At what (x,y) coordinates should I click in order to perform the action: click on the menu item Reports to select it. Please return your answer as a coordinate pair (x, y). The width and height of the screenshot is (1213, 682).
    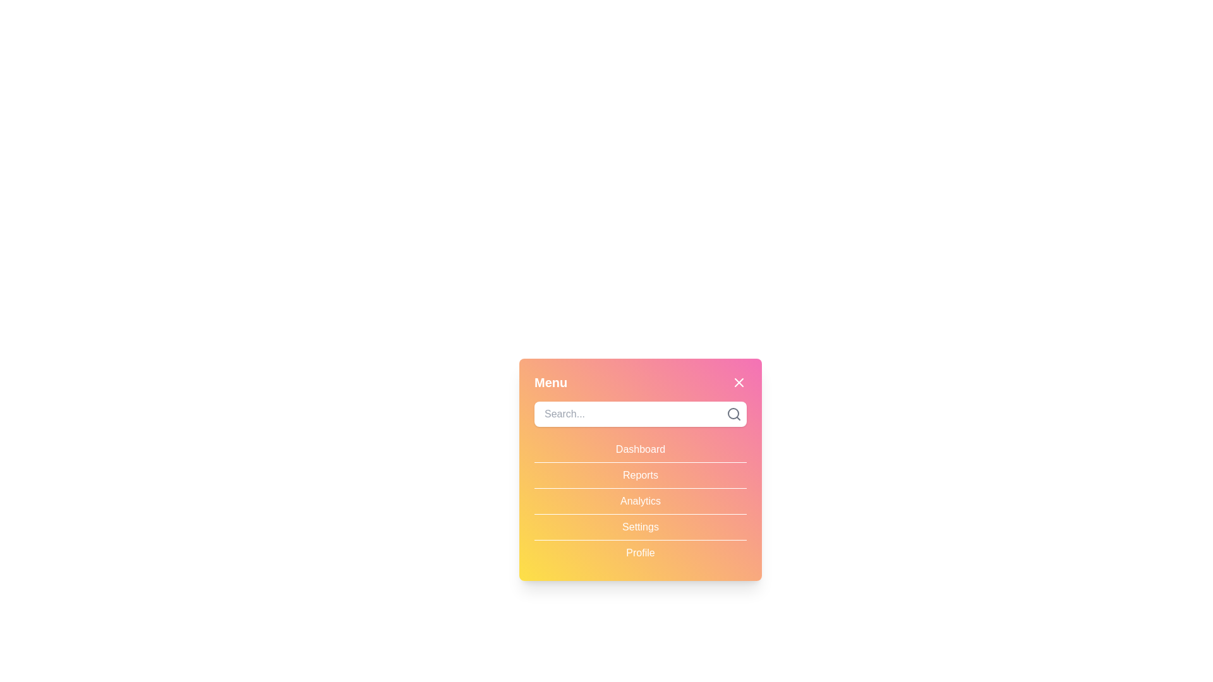
    Looking at the image, I should click on (640, 475).